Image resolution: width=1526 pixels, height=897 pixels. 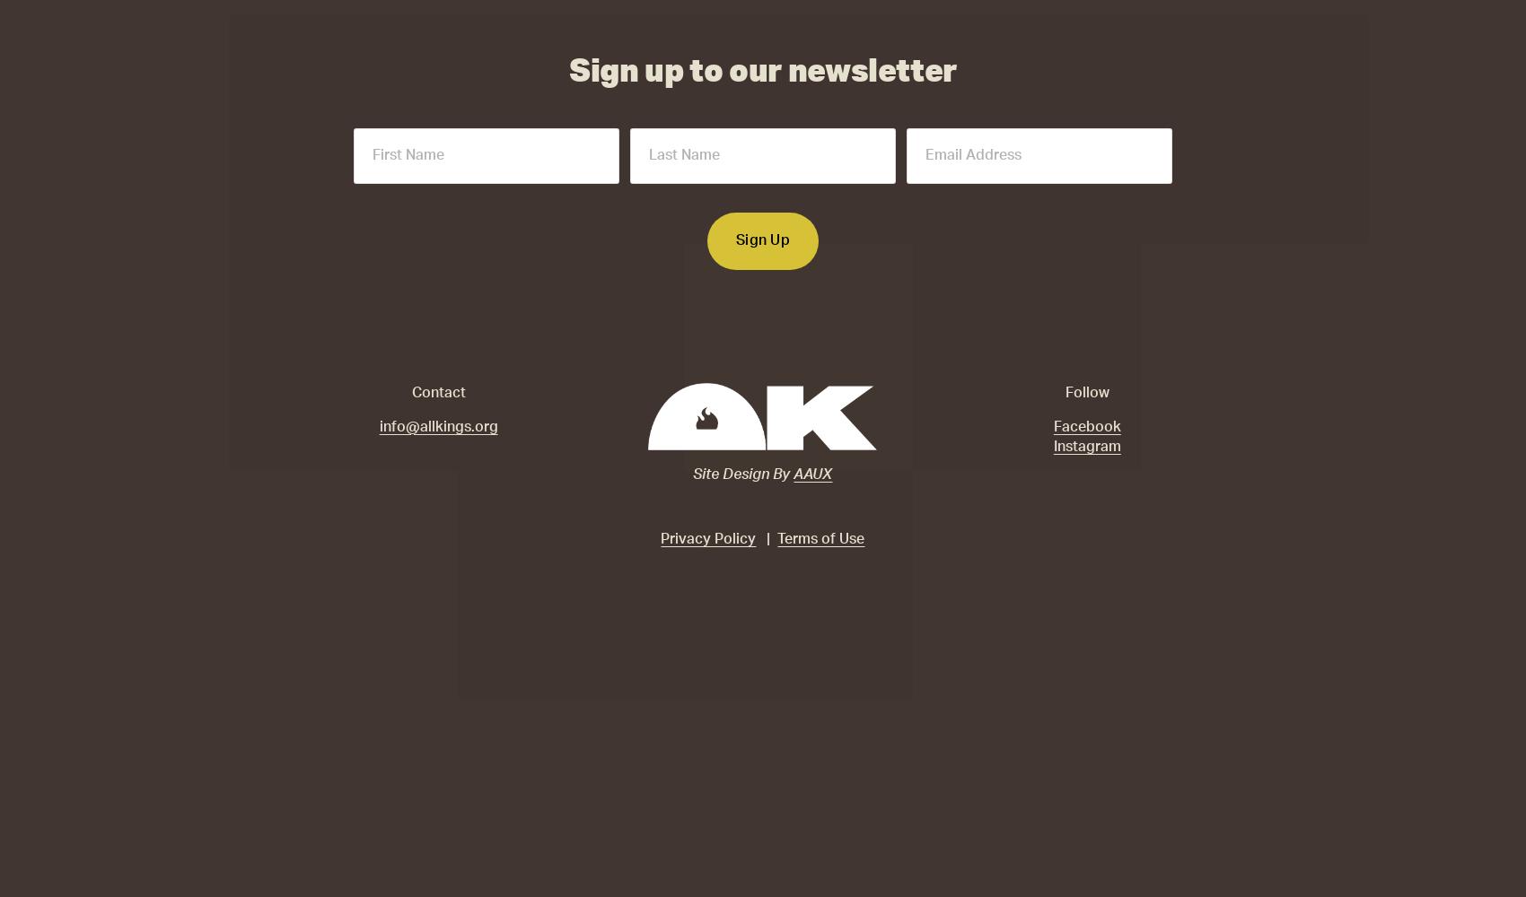 I want to click on 'Site Design By', so click(x=742, y=474).